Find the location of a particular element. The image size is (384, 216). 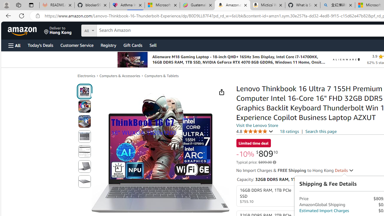

'Search in' is located at coordinates (111, 30).